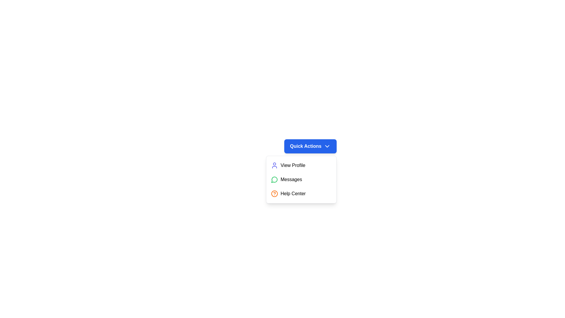 The width and height of the screenshot is (565, 318). I want to click on the 'Quick Actions' button to toggle the dropdown menu, so click(310, 146).